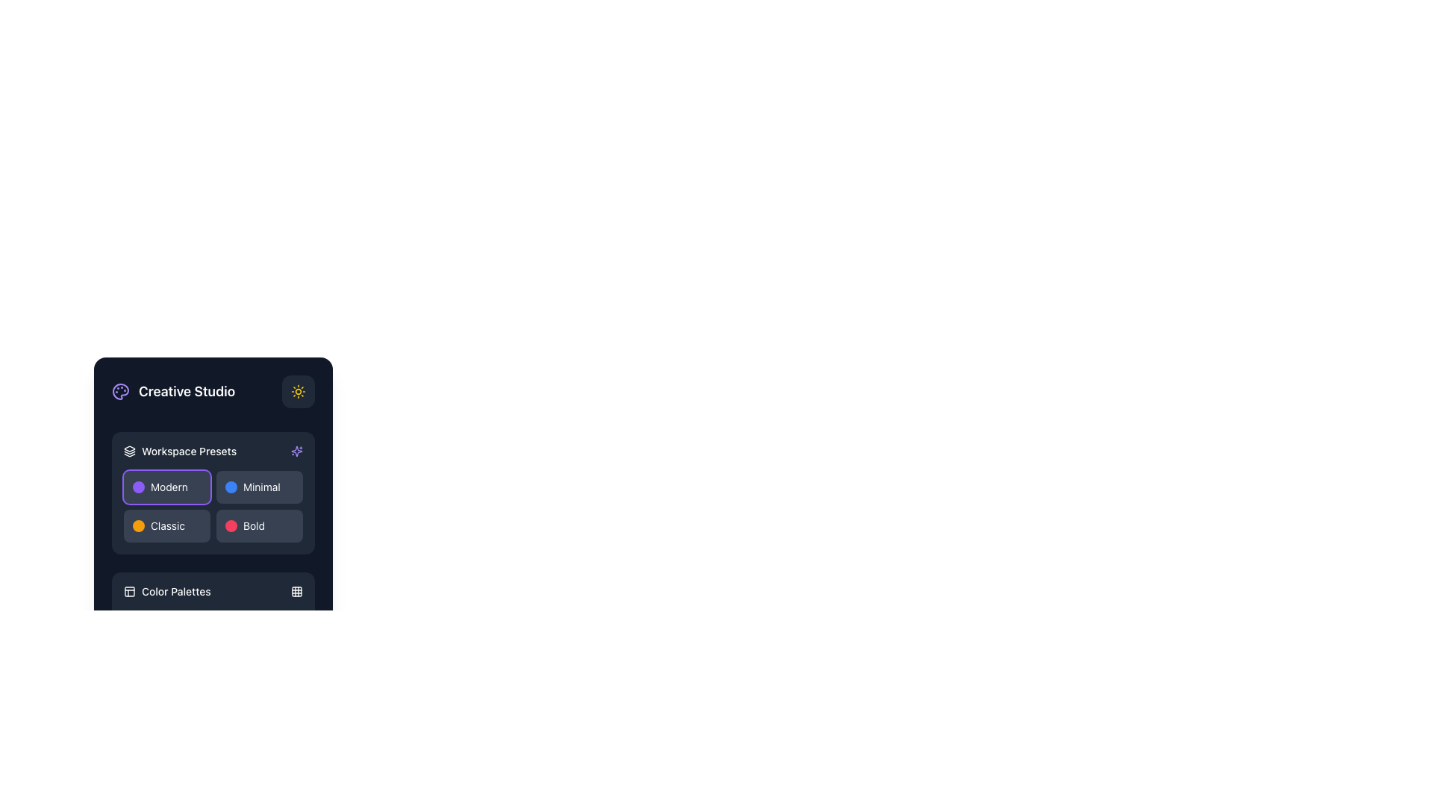 This screenshot has height=806, width=1433. Describe the element at coordinates (297, 591) in the screenshot. I see `the central grid cell which is part of a 3x3 visual grid layout` at that location.